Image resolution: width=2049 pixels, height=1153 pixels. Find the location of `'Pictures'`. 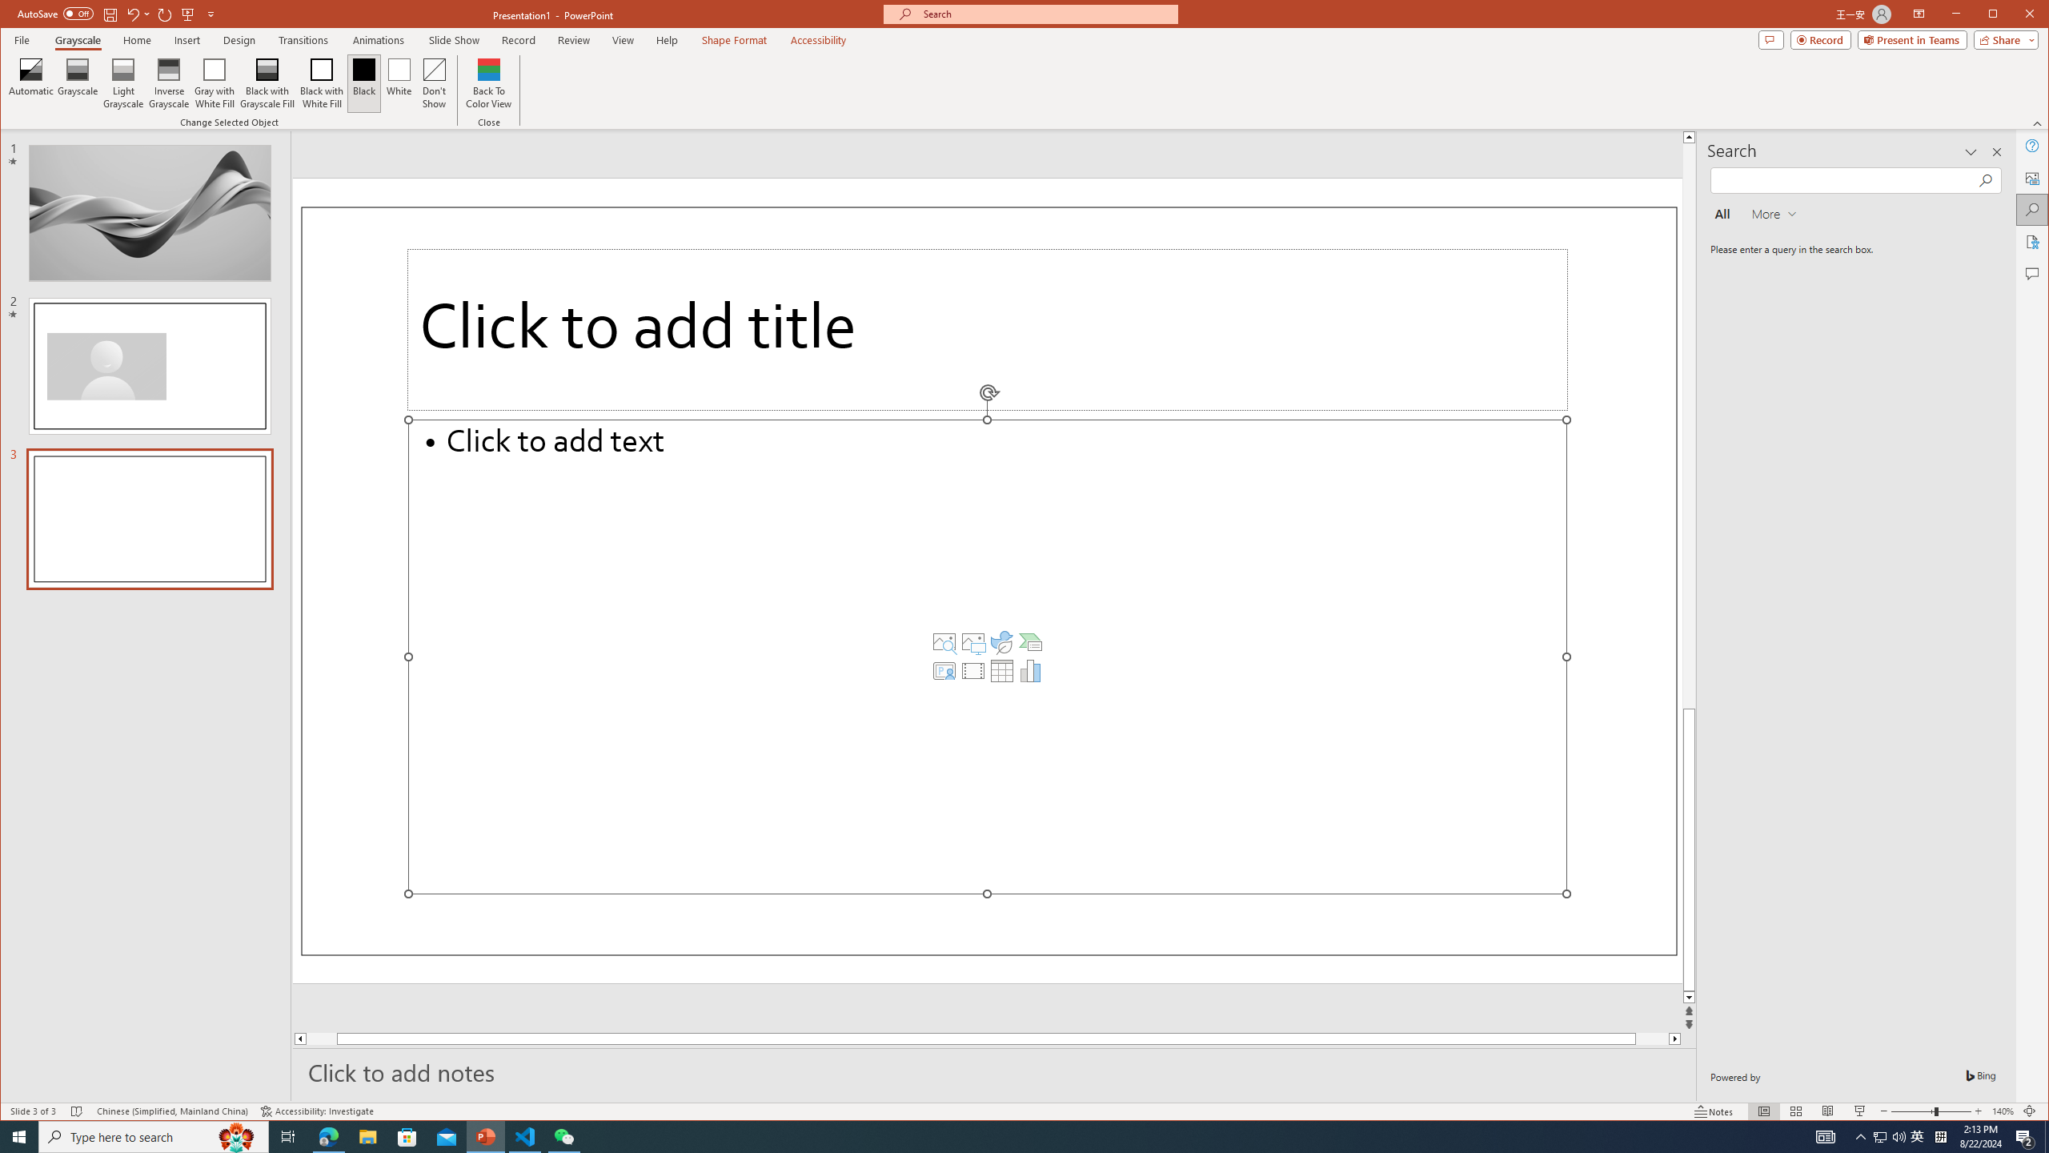

'Pictures' is located at coordinates (972, 641).